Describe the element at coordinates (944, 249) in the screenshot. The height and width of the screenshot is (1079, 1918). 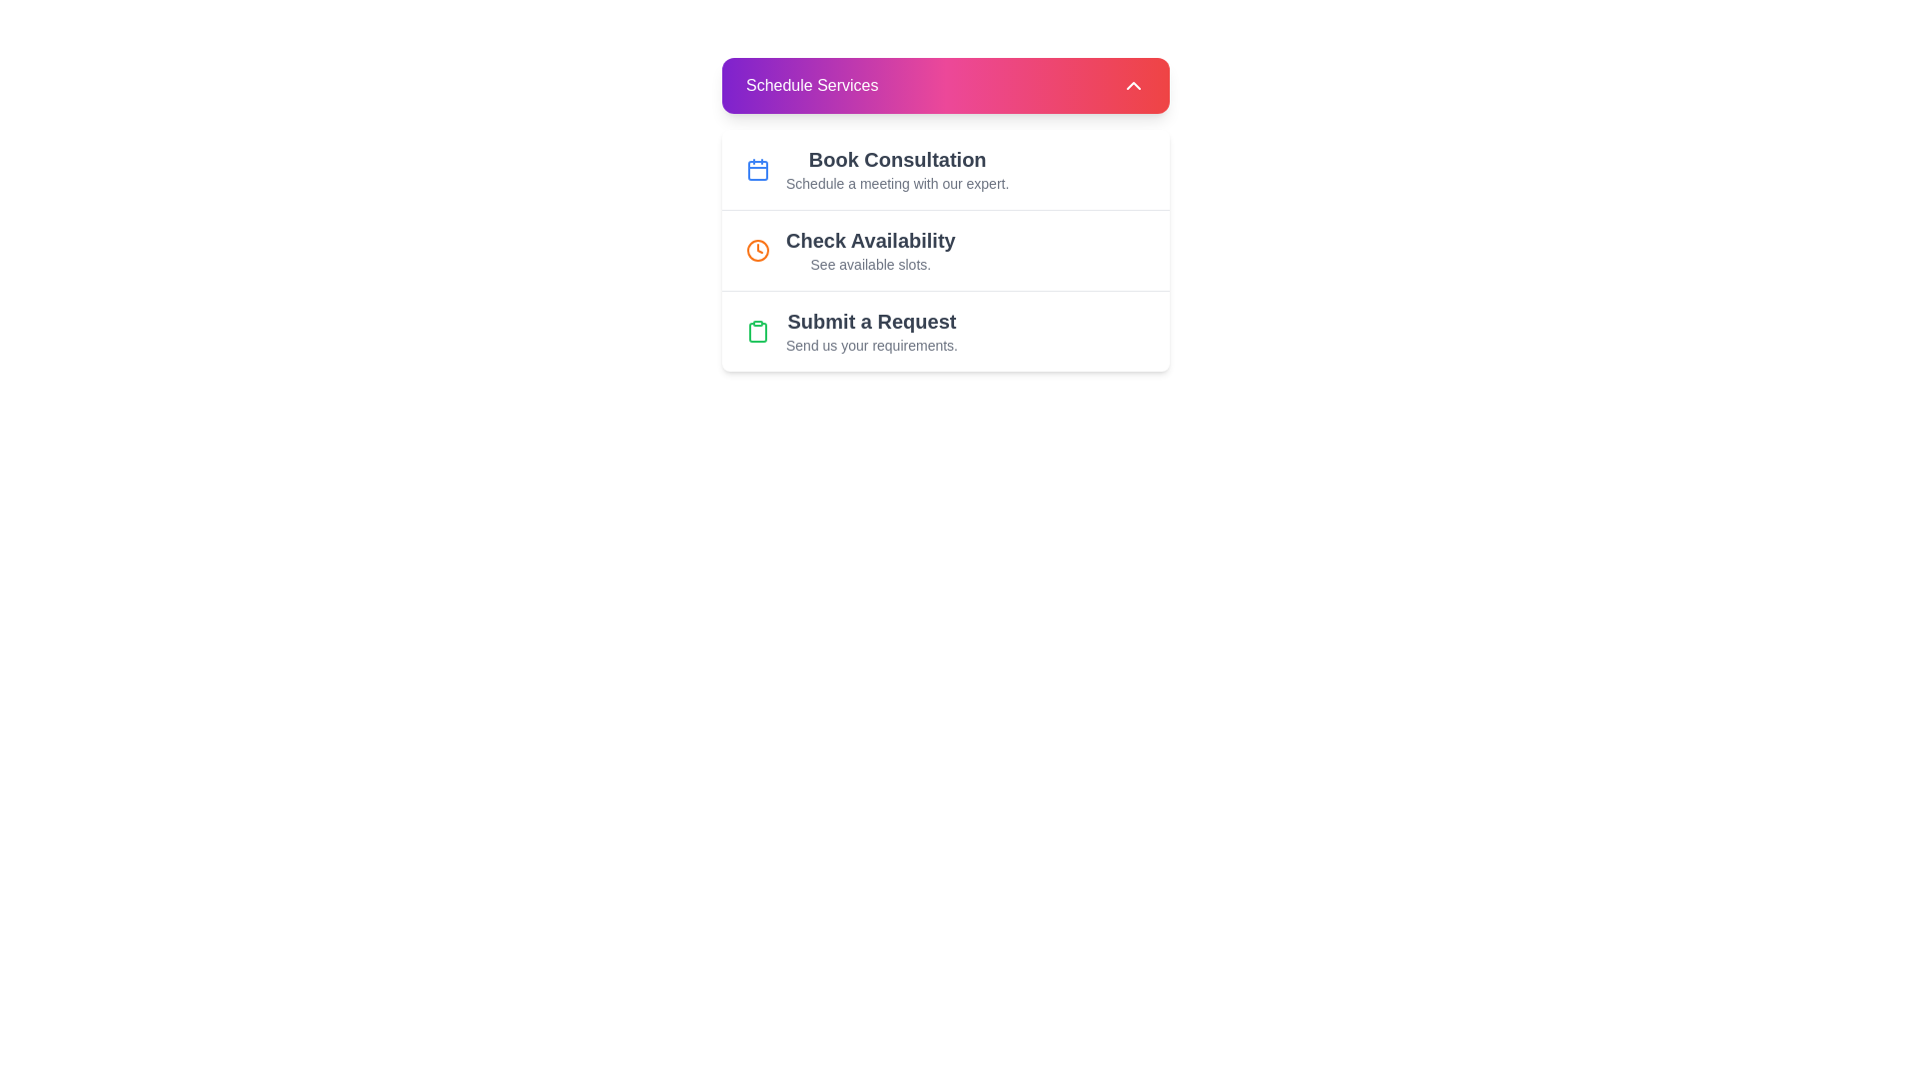
I see `the interactive button labeled with text and an icon, positioned below 'Book Consultation' and above 'Submit a Request', to check available slots for a service or item` at that location.